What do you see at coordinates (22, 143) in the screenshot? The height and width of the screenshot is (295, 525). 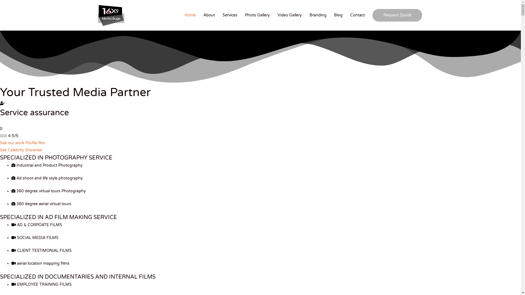 I see `'See our work Profile film'` at bounding box center [22, 143].